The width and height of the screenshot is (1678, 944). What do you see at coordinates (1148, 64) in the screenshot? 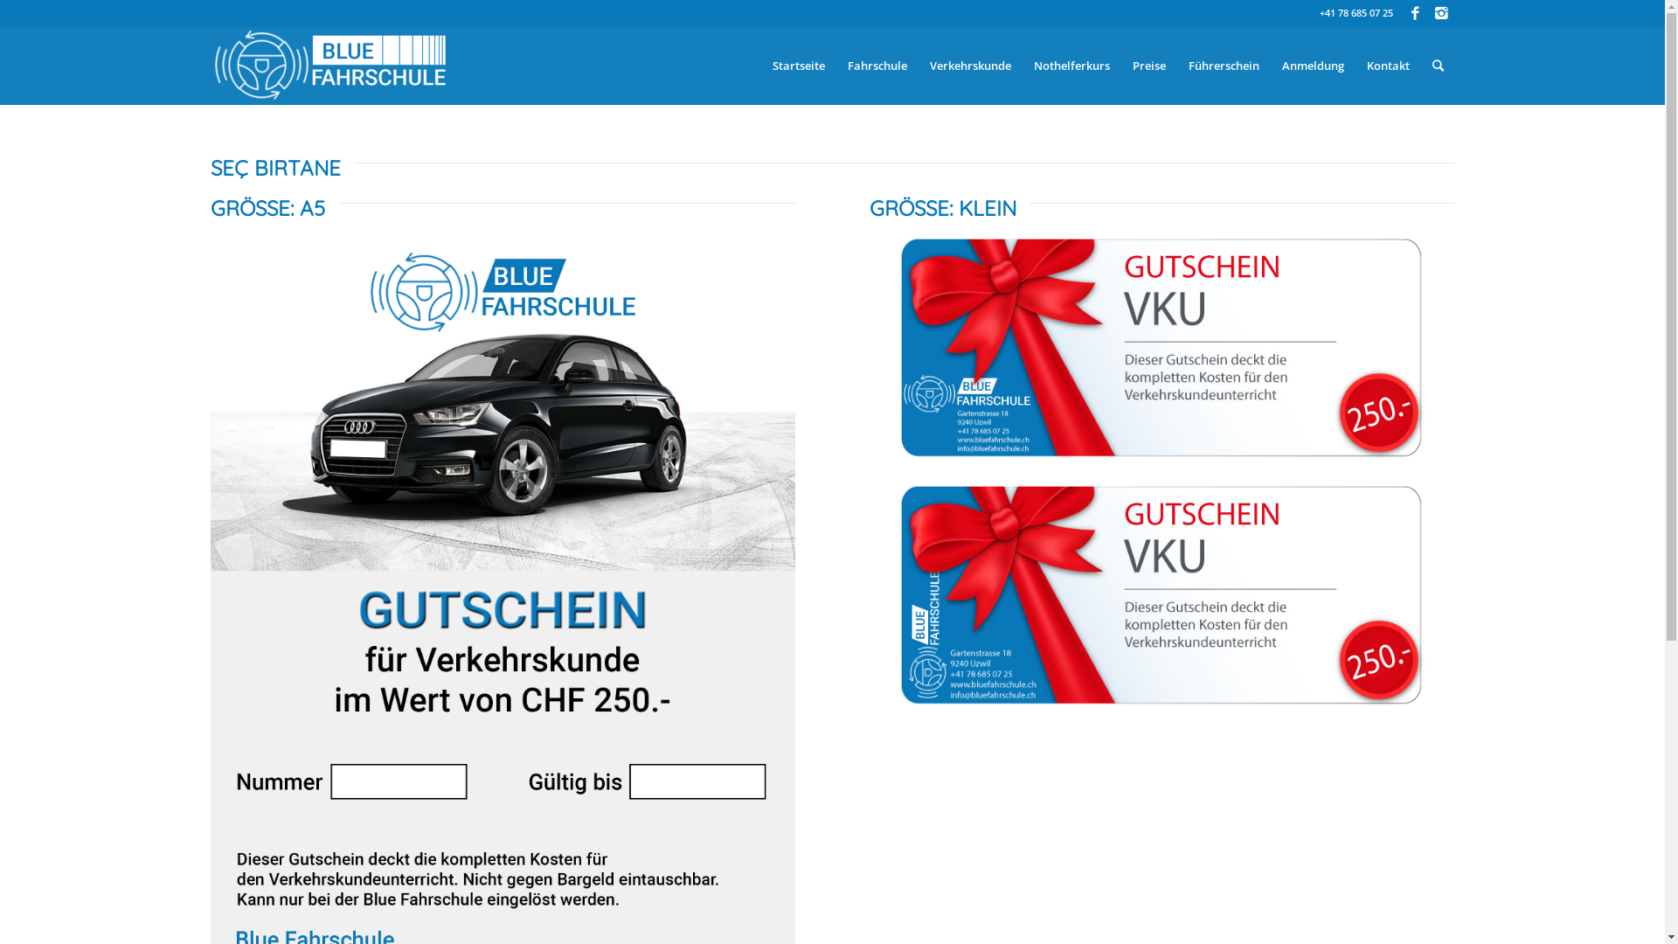
I see `'Preise'` at bounding box center [1148, 64].